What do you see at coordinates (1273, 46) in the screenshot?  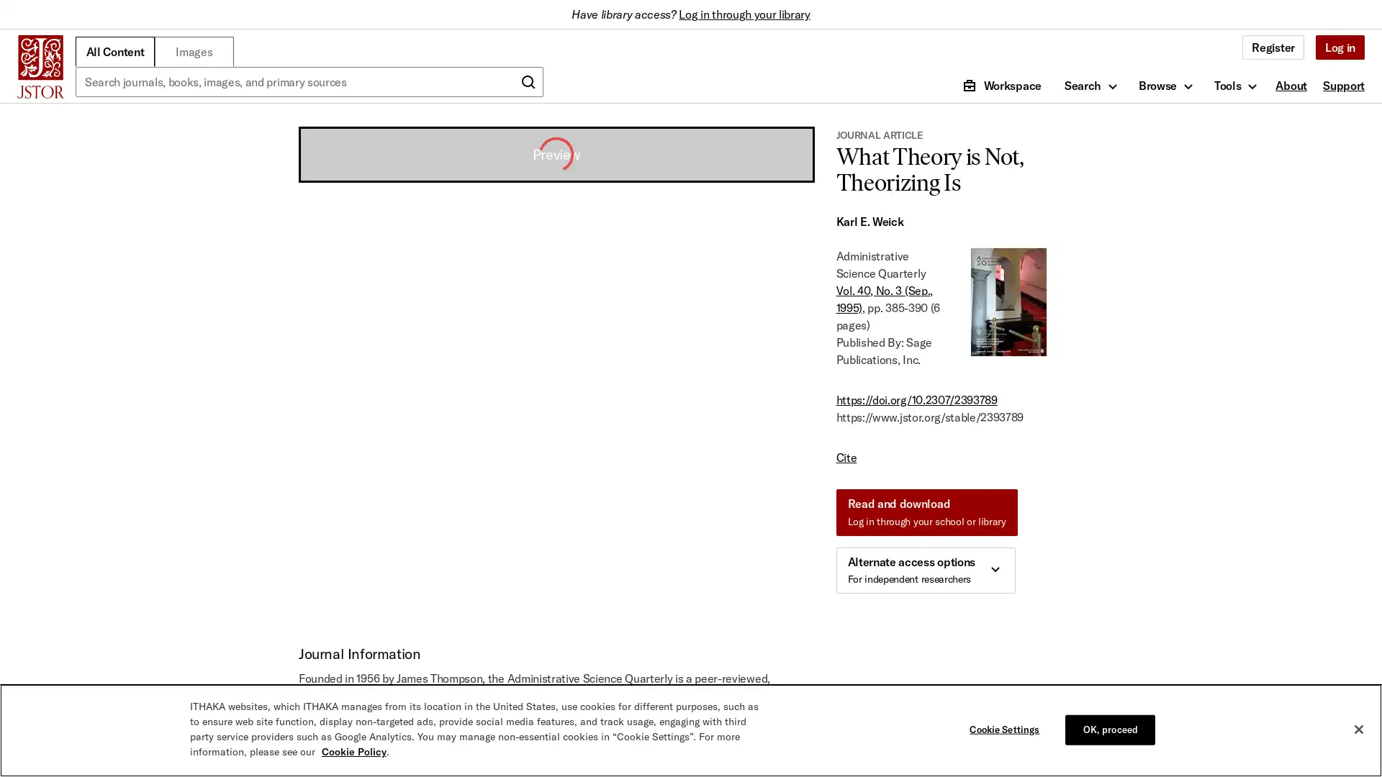 I see `Register` at bounding box center [1273, 46].